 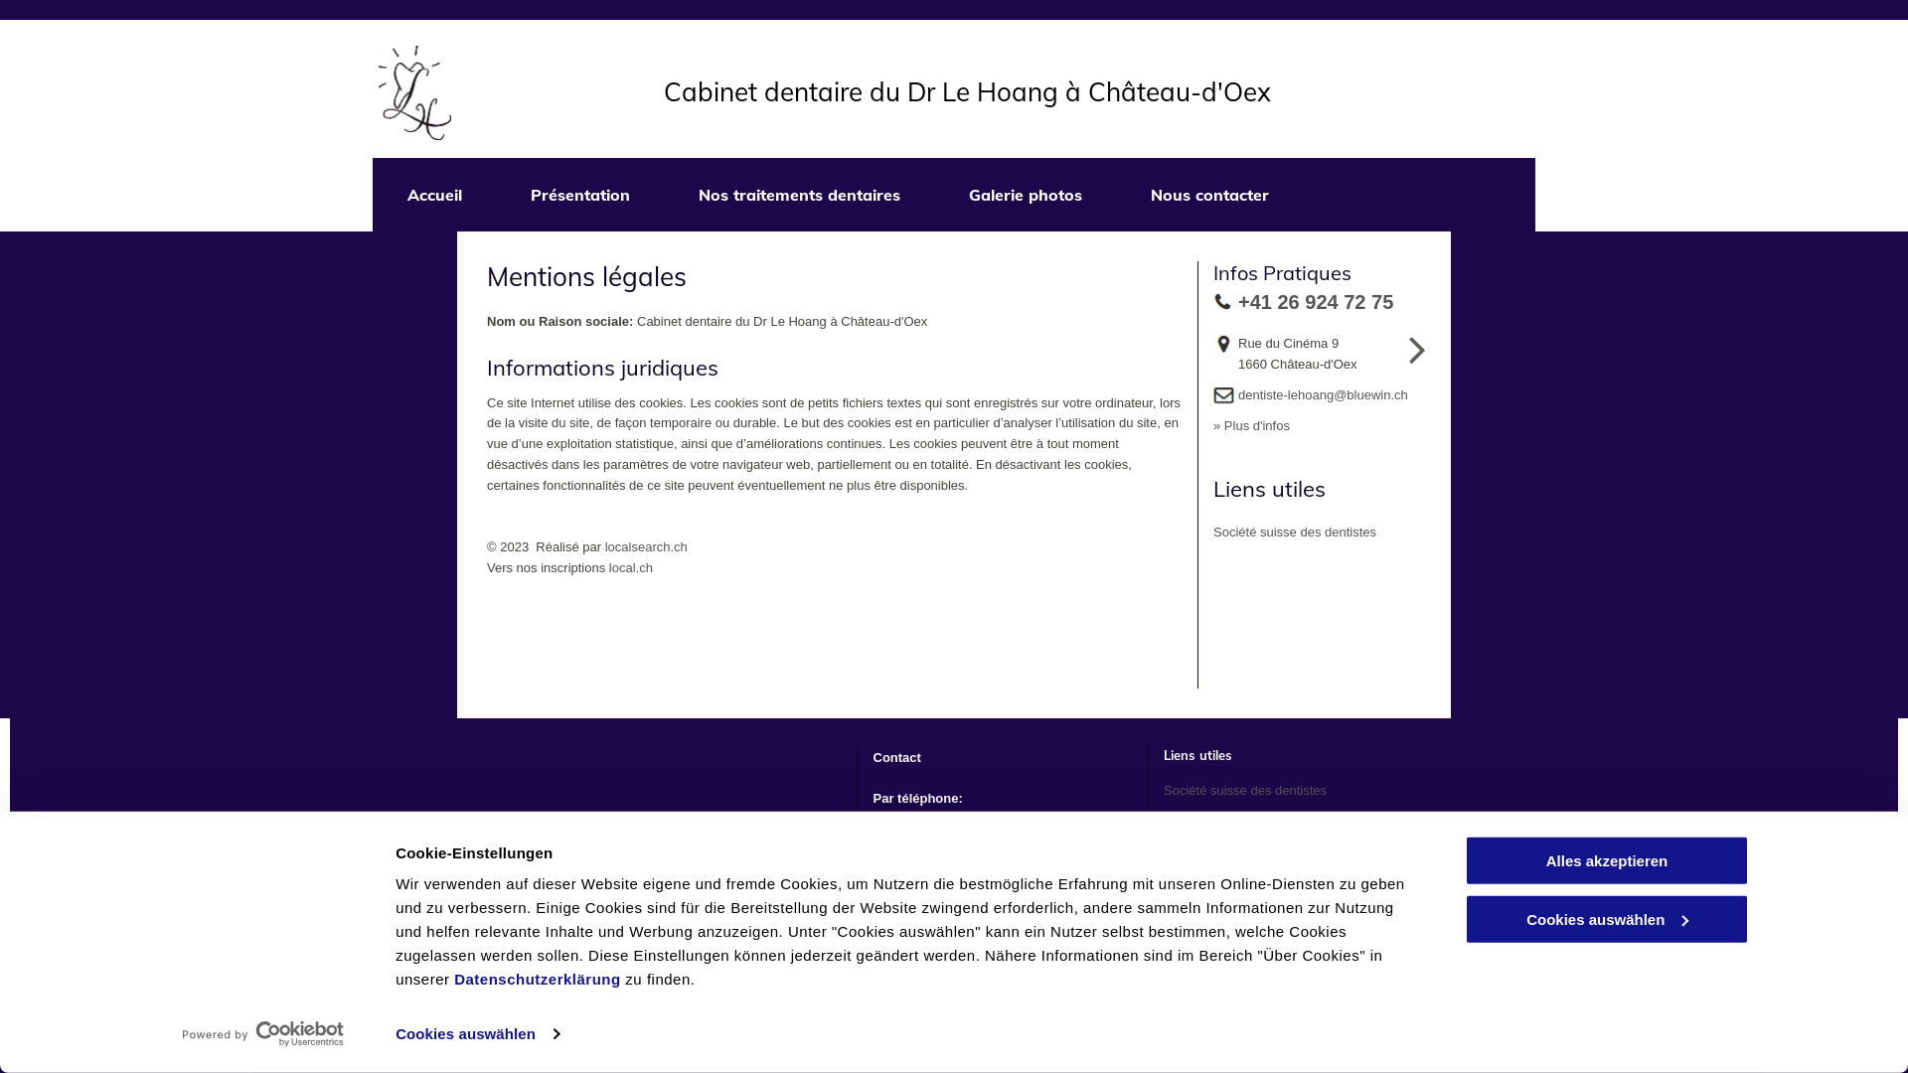 I want to click on 'Nos traitements dentaires', so click(x=798, y=195).